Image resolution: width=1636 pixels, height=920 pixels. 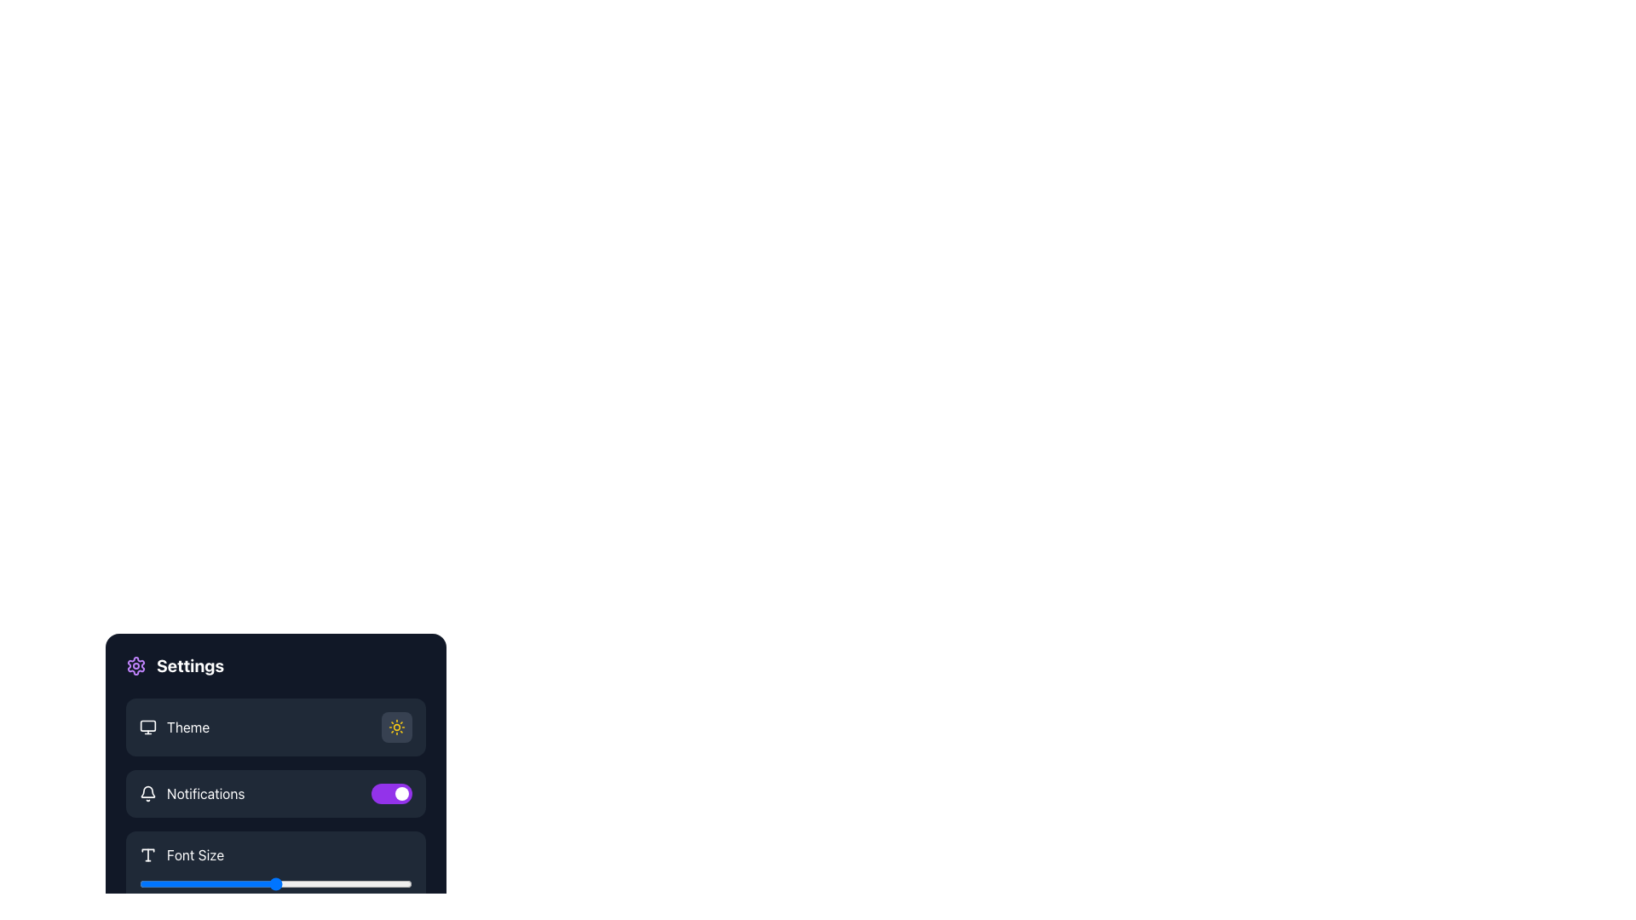 I want to click on the settings icon located on the far left of the header section, adjacent to the 'Settings' label, so click(x=135, y=665).